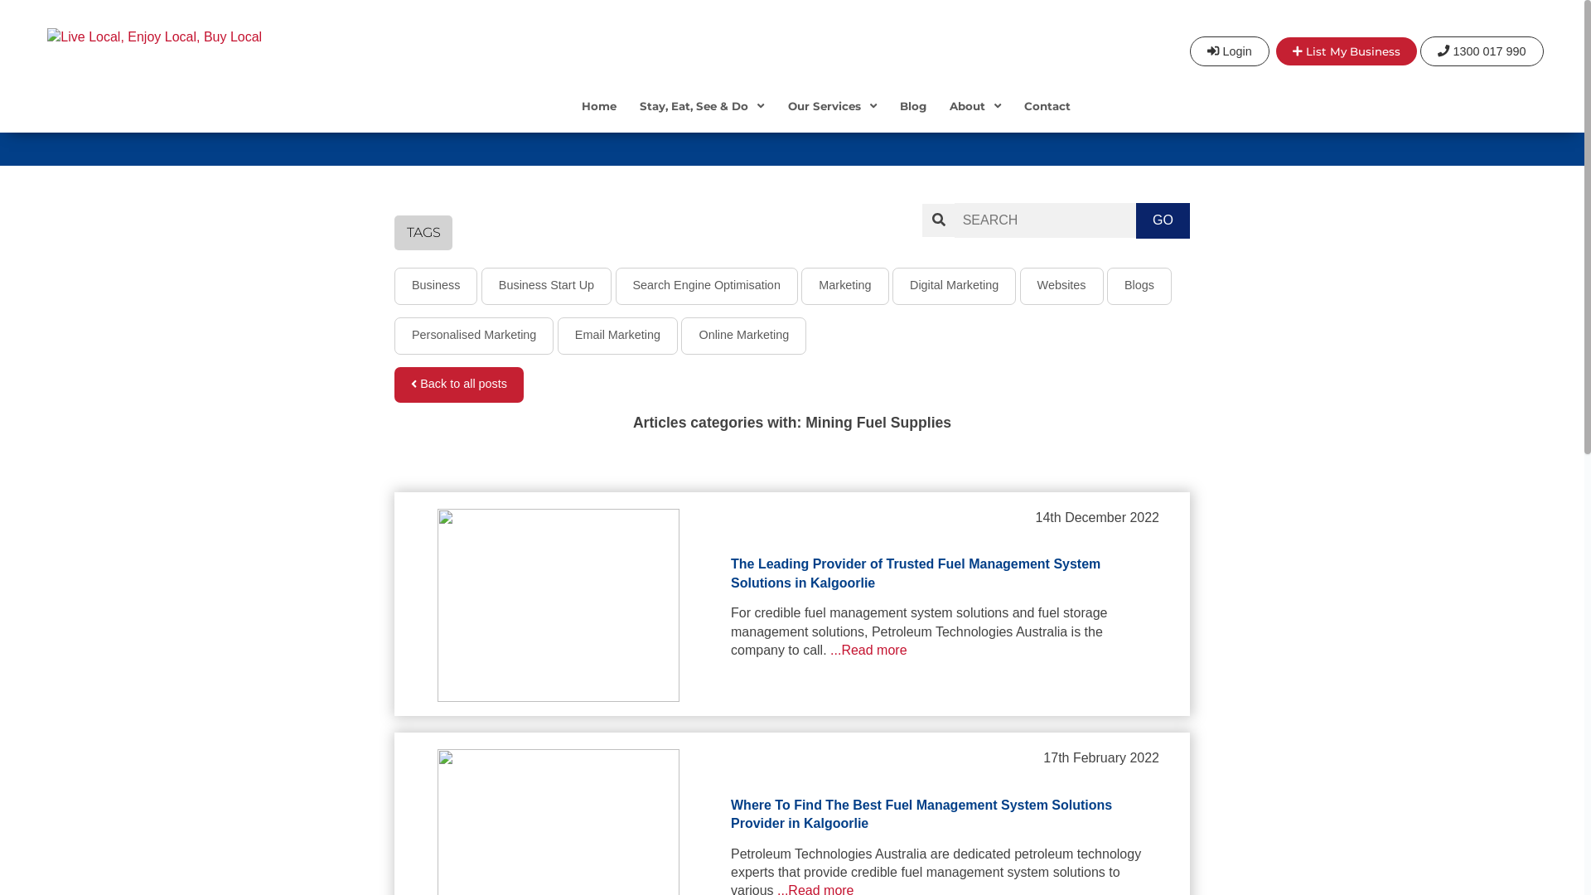 Image resolution: width=1591 pixels, height=895 pixels. What do you see at coordinates (1229, 50) in the screenshot?
I see `'Login'` at bounding box center [1229, 50].